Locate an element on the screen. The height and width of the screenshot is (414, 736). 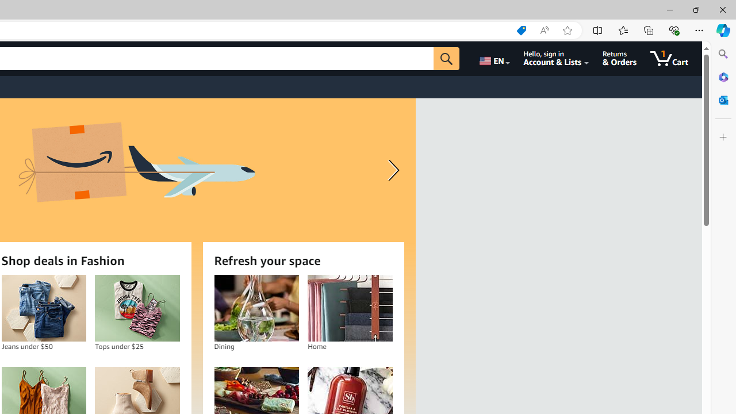
'1 item in cart' is located at coordinates (669, 58).